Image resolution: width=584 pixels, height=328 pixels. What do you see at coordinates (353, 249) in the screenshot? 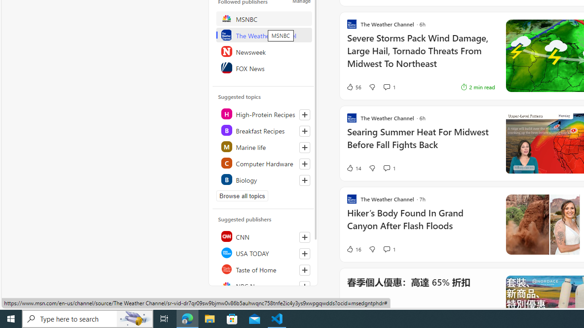
I see `'16 Like'` at bounding box center [353, 249].